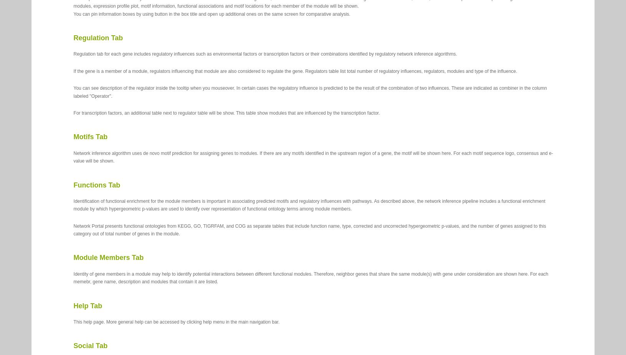 The width and height of the screenshot is (626, 355). Describe the element at coordinates (97, 37) in the screenshot. I see `'Regulation Tab'` at that location.